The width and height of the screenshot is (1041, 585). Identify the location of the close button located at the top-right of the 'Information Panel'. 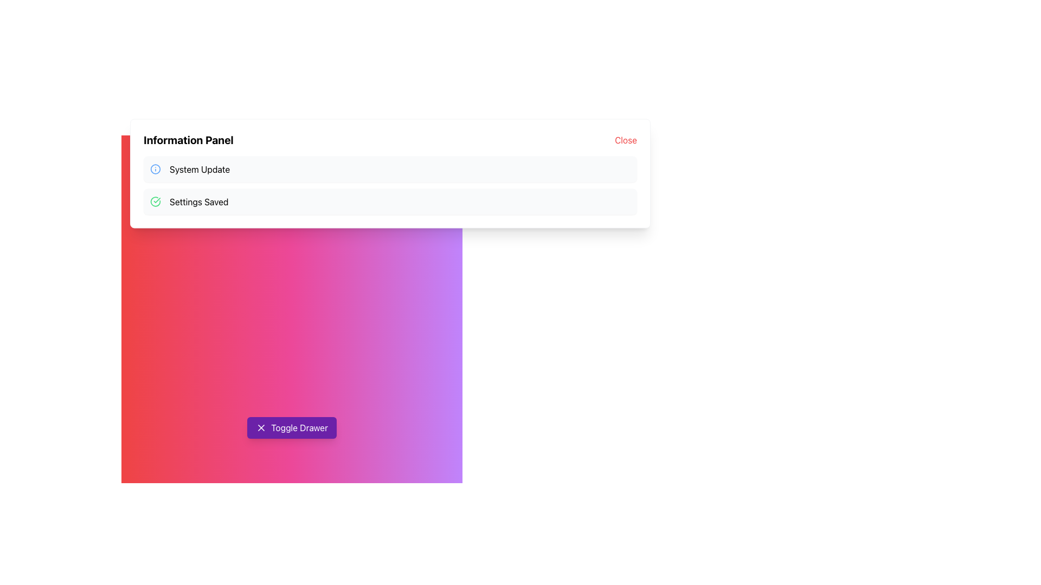
(626, 139).